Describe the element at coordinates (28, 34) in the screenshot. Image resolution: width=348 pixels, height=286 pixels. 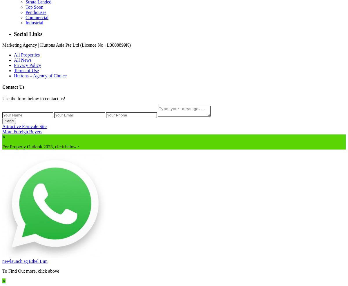
I see `'Social Links'` at that location.